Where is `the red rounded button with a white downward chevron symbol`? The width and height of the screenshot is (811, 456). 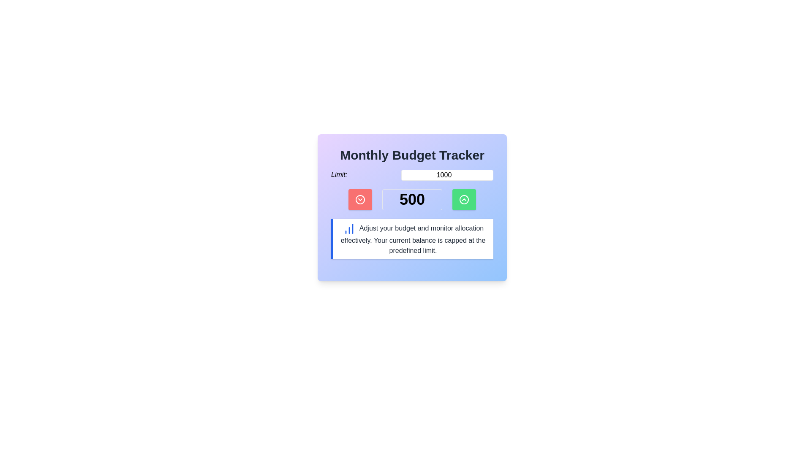 the red rounded button with a white downward chevron symbol is located at coordinates (360, 200).